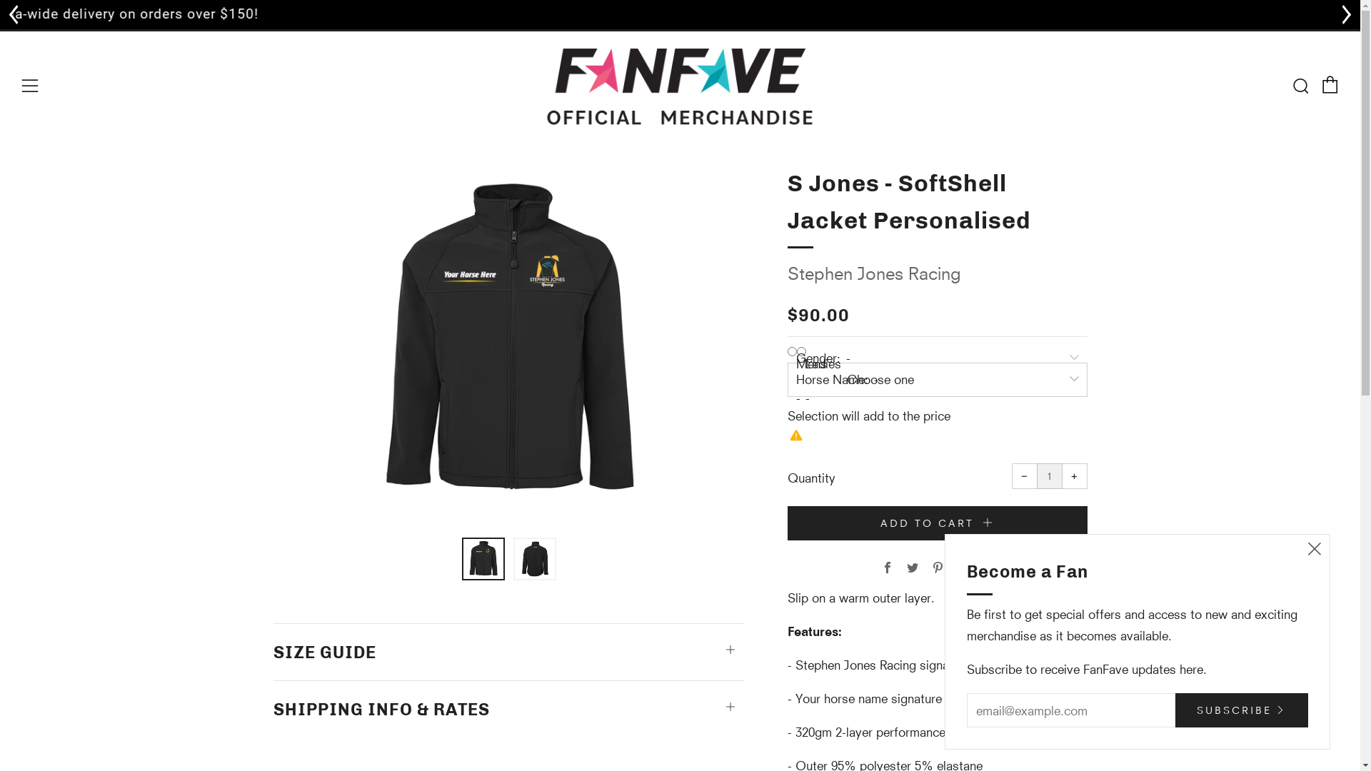  Describe the element at coordinates (1329, 85) in the screenshot. I see `'Cart'` at that location.